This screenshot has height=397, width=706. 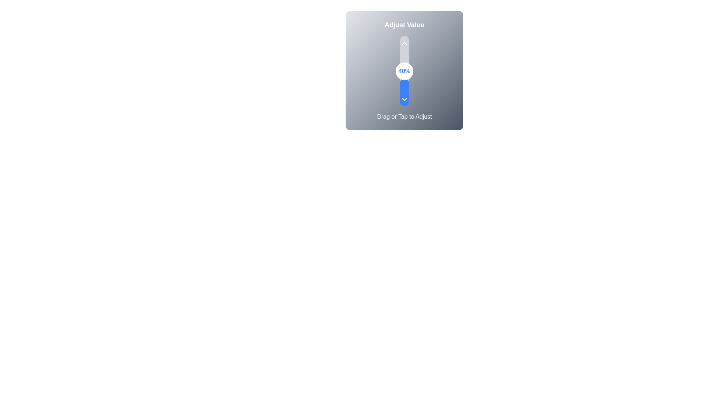 What do you see at coordinates (404, 72) in the screenshot?
I see `the slider value` at bounding box center [404, 72].